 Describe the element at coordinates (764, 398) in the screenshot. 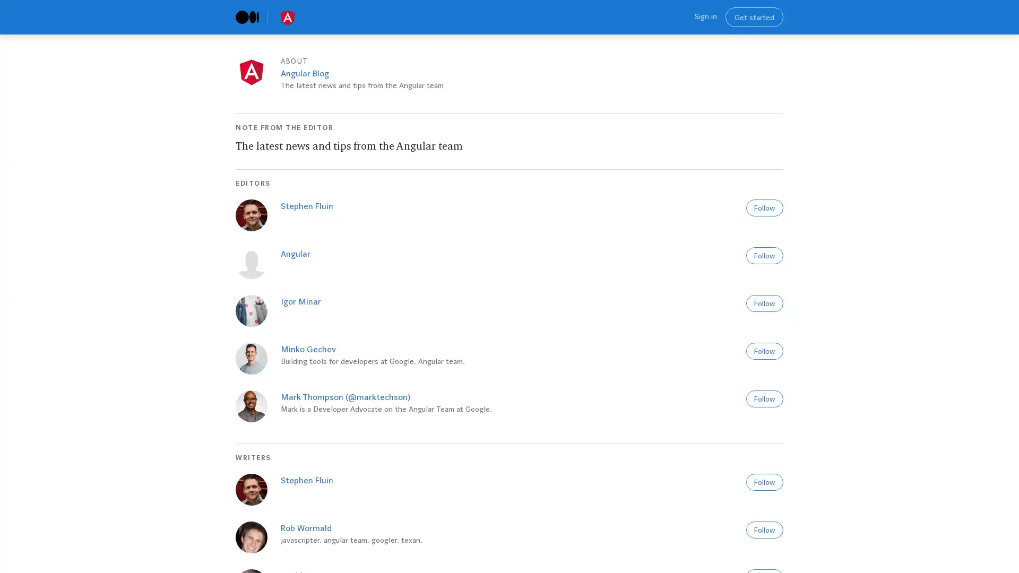

I see `Follow to get new stories and recommendations from this author` at that location.